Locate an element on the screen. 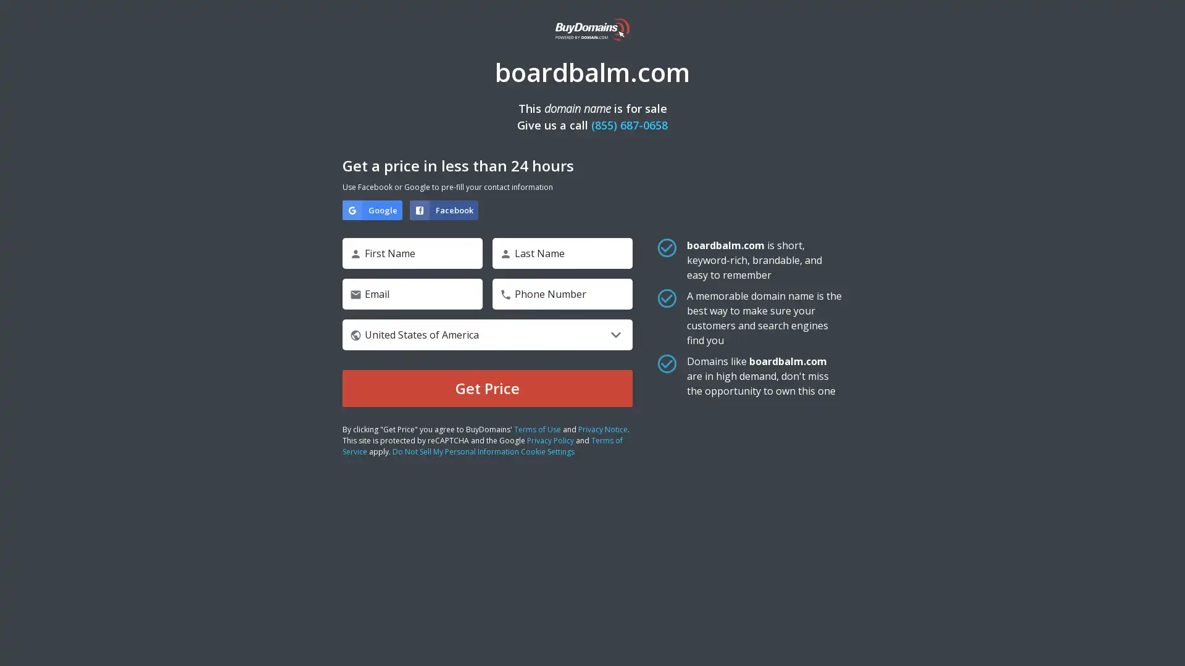 The height and width of the screenshot is (666, 1185). Facebook is located at coordinates (444, 209).